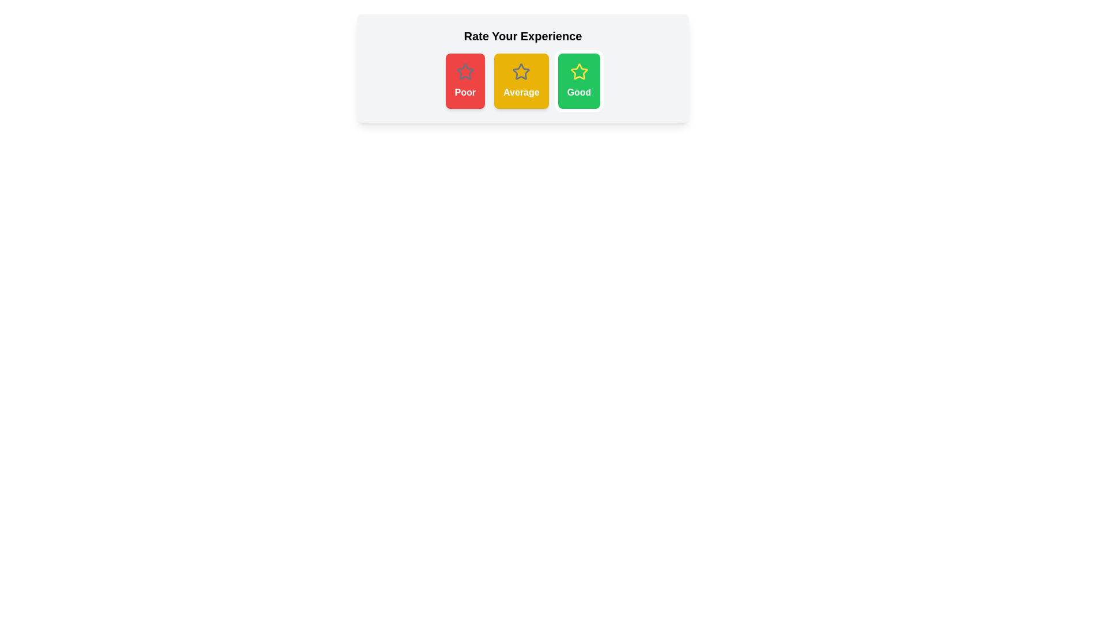 The image size is (1106, 622). What do you see at coordinates (465, 81) in the screenshot?
I see `the Poor button to select the corresponding rating` at bounding box center [465, 81].